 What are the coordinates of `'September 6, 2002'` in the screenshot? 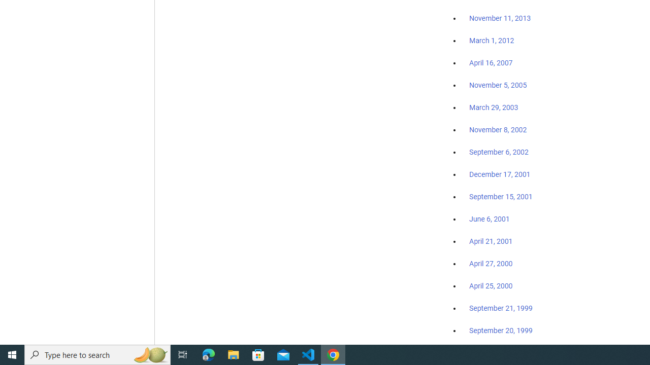 It's located at (499, 152).